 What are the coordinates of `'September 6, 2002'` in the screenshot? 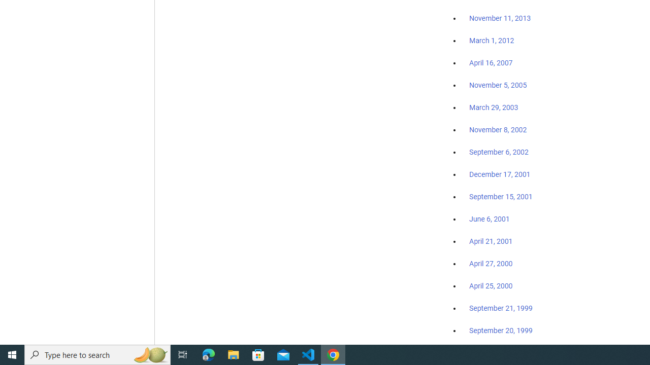 It's located at (499, 152).